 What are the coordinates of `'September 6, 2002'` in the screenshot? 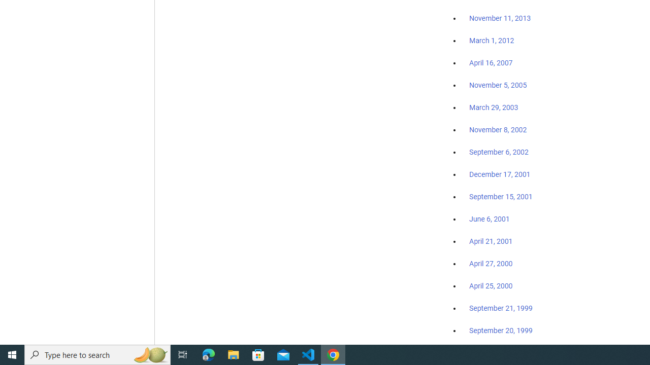 It's located at (499, 152).